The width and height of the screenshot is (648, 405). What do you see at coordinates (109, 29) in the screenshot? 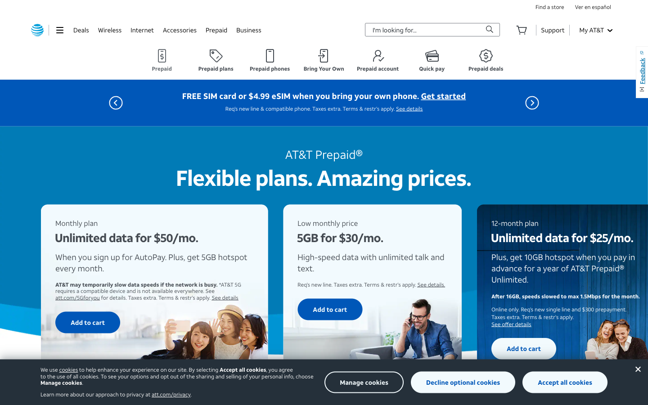
I see `the "Wireless" tab` at bounding box center [109, 29].